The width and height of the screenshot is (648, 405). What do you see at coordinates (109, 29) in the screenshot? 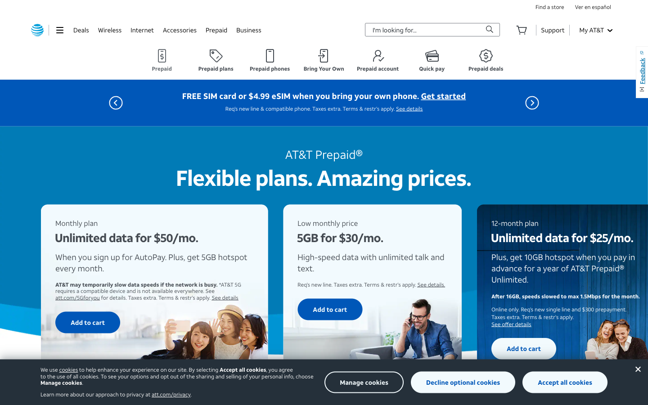
I see `the "Wireless" tab` at bounding box center [109, 29].